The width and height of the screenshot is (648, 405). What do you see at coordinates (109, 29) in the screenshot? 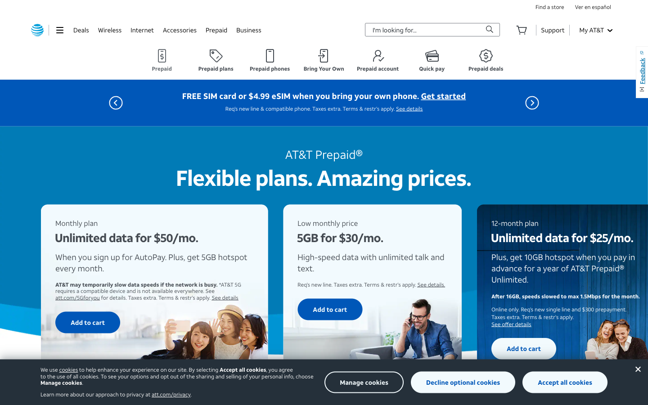
I see `the "Wireless" tab` at bounding box center [109, 29].